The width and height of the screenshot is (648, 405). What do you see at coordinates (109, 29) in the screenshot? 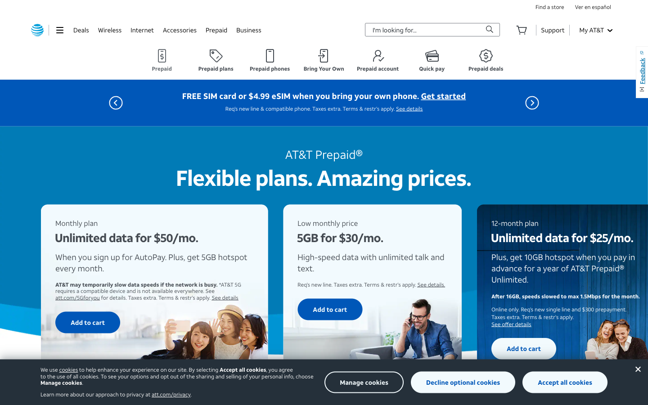
I see `the "Wireless" tab` at bounding box center [109, 29].